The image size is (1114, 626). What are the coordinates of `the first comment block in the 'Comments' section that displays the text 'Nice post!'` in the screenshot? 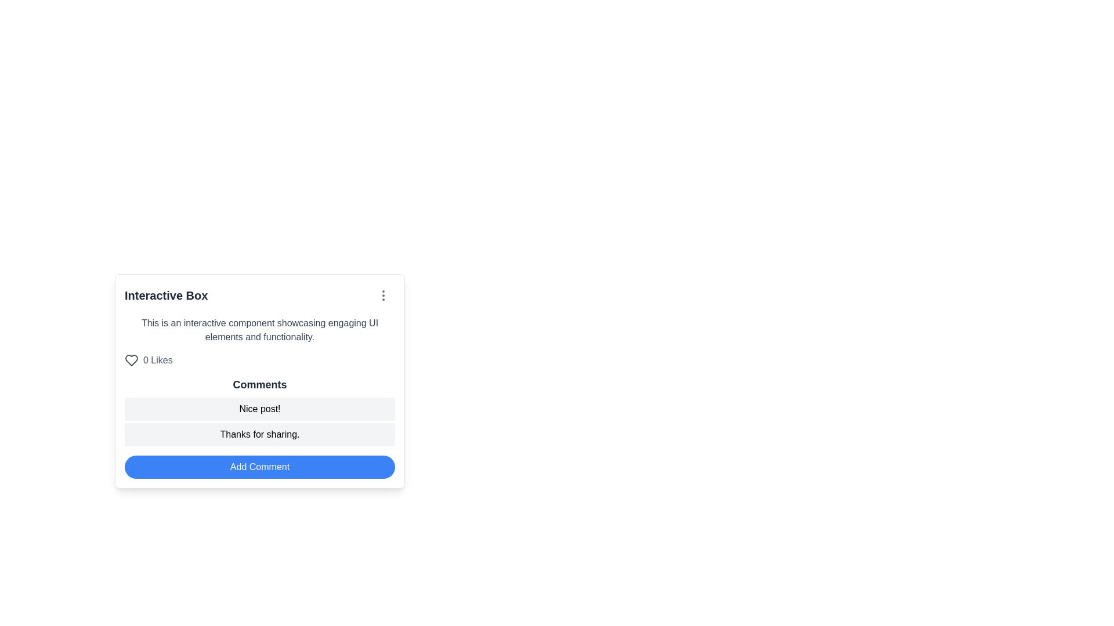 It's located at (259, 408).